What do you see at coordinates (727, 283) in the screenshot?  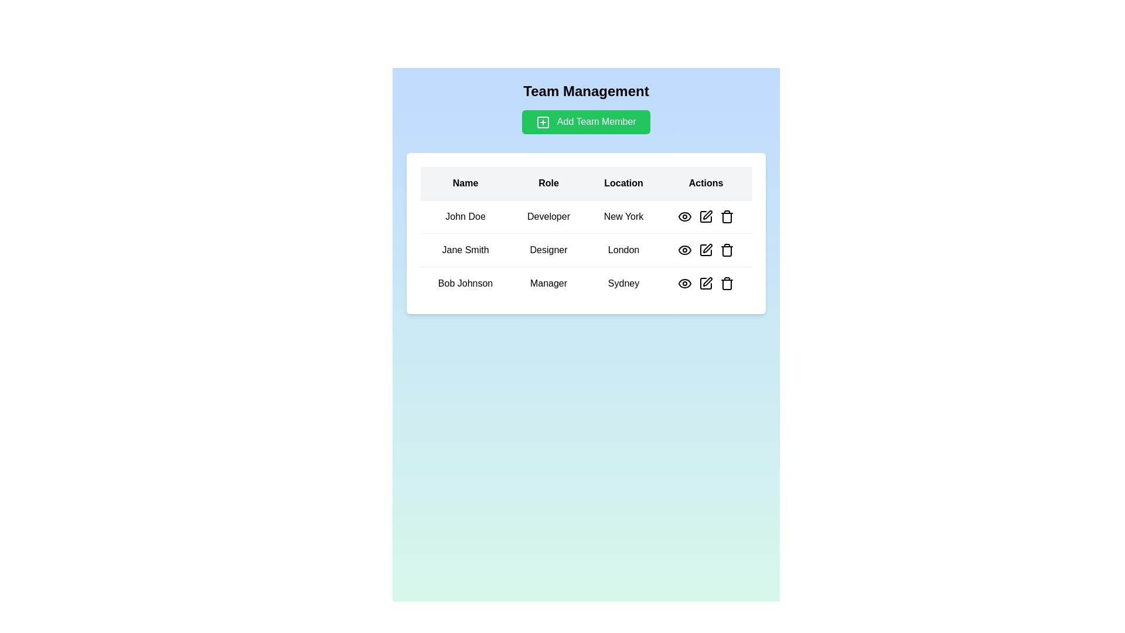 I see `the trash can icon button for the delete action associated with 'Bob Johnson'` at bounding box center [727, 283].